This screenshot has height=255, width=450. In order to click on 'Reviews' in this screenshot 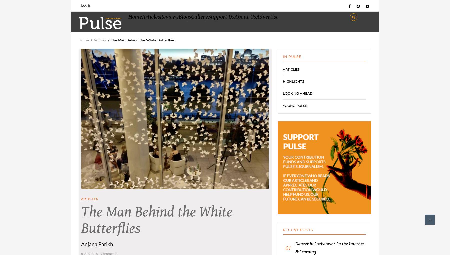, I will do `click(184, 24)`.